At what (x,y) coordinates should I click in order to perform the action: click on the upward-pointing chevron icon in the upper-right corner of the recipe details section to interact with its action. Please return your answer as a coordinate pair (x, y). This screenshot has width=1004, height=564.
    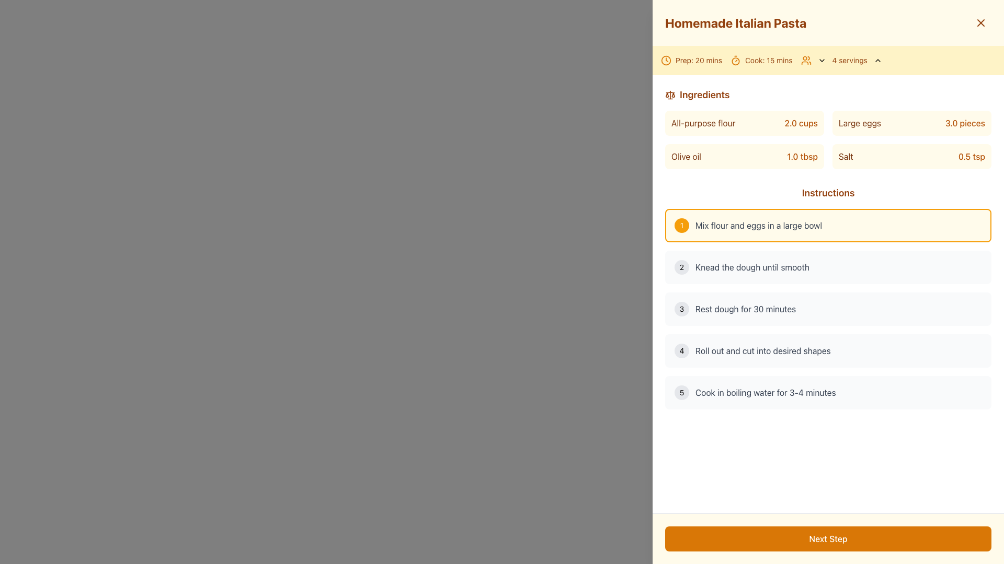
    Looking at the image, I should click on (877, 60).